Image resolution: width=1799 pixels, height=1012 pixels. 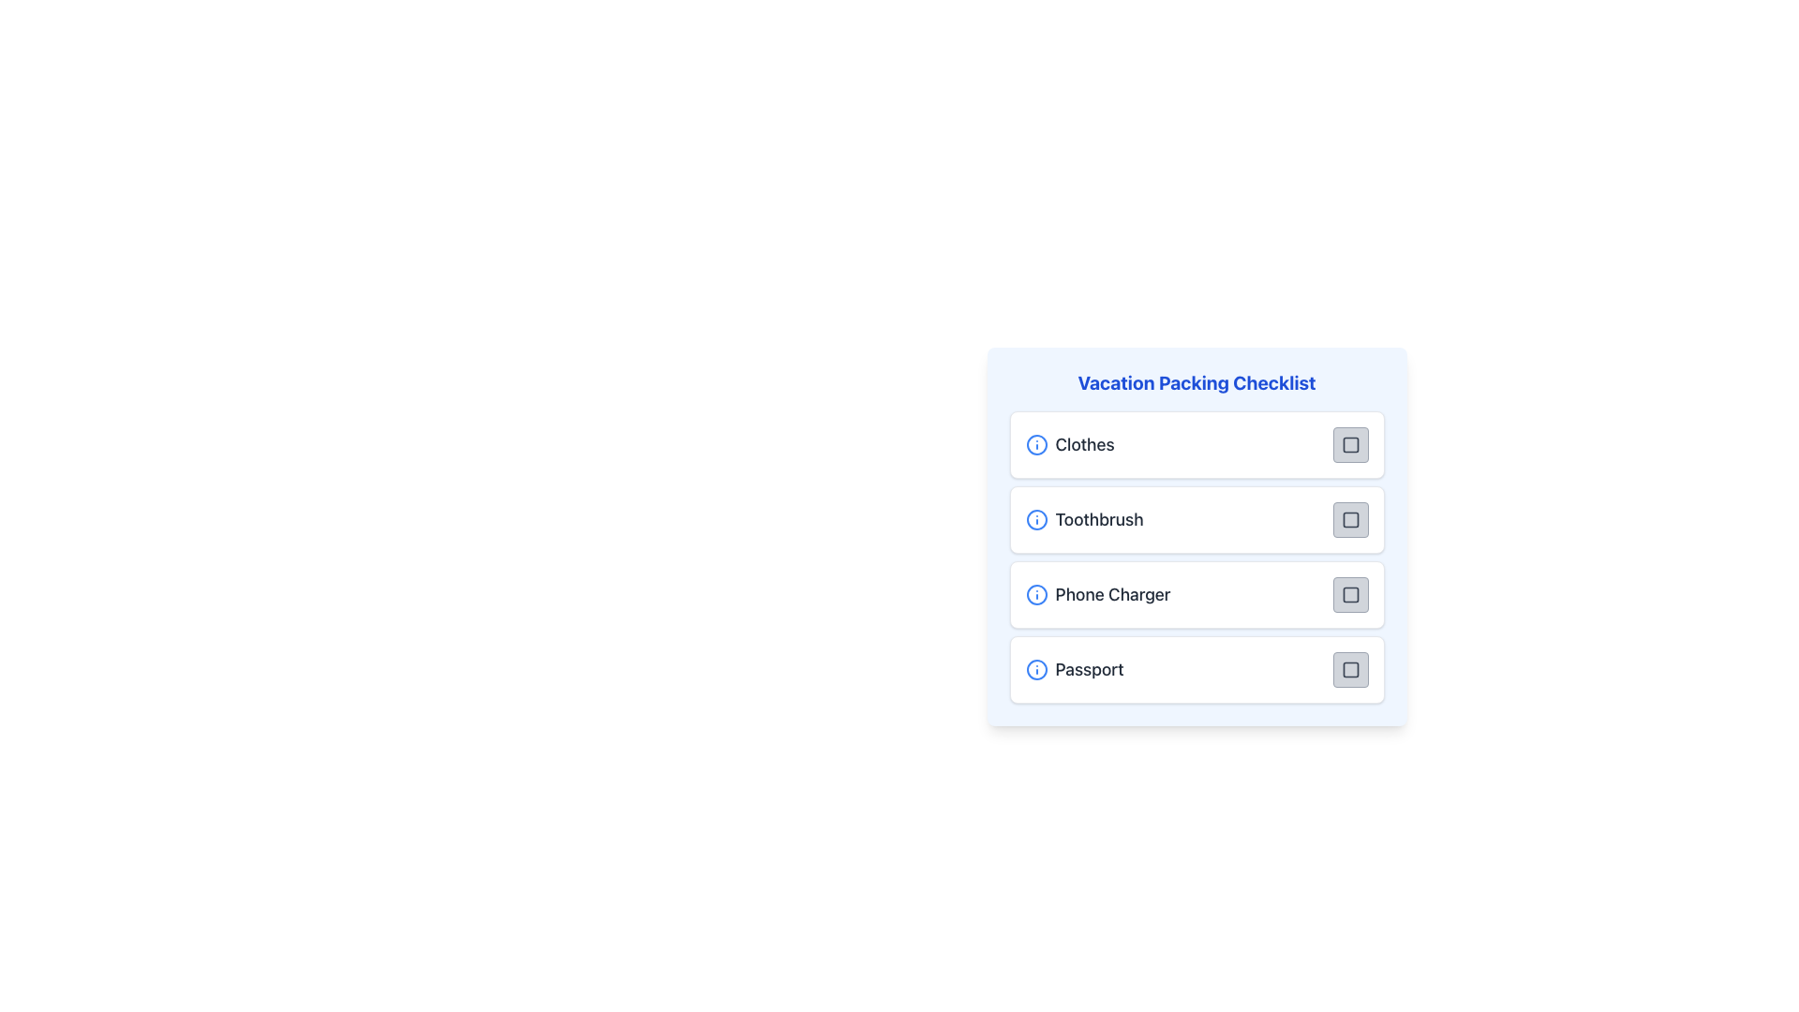 I want to click on label 'Toothbrush' from the second list item in the Vacation Packing Checklist, which is positioned between 'Clothes' and 'Phone Charger', so click(x=1084, y=520).